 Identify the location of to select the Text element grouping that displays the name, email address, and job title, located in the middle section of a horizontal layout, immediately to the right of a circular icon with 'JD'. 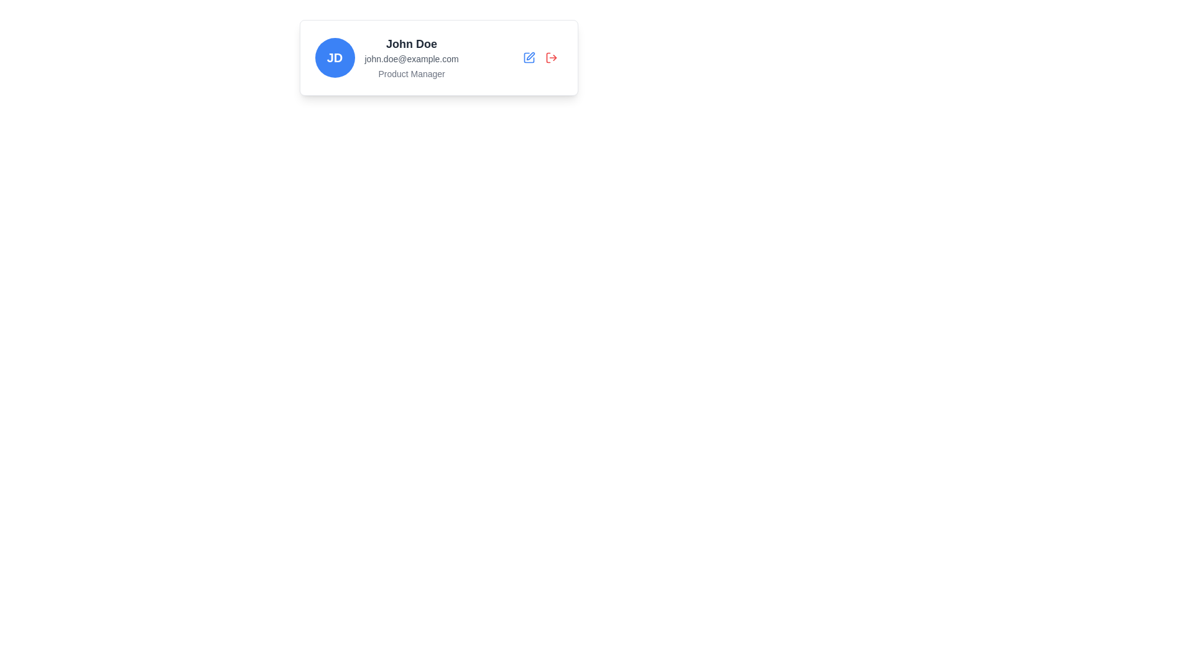
(412, 57).